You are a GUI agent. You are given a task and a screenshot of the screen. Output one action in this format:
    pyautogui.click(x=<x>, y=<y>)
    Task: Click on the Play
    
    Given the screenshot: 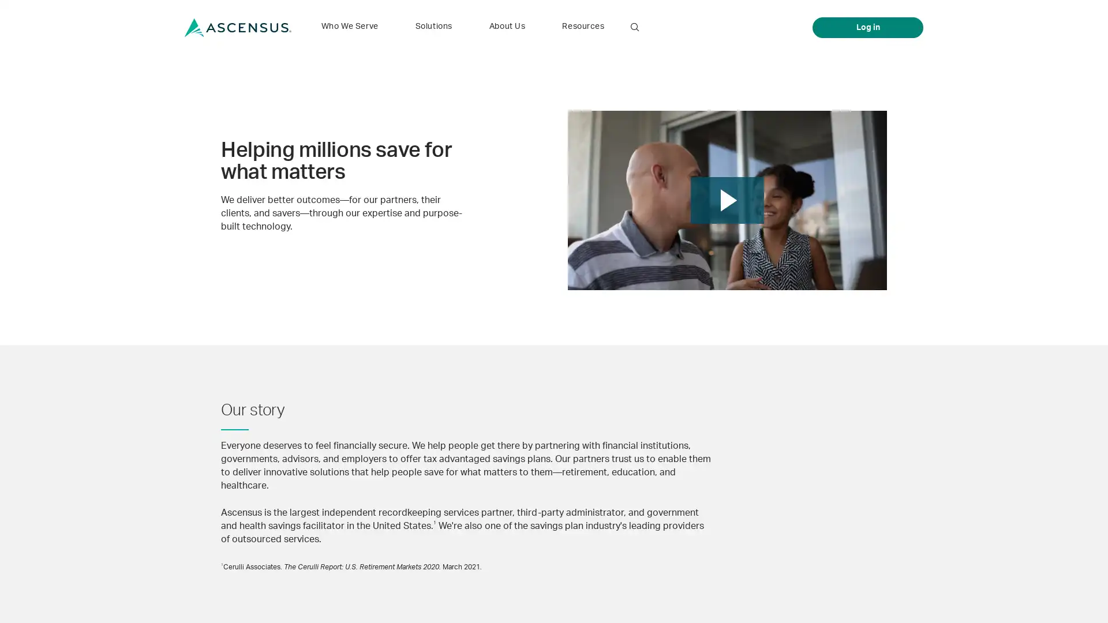 What is the action you would take?
    pyautogui.click(x=727, y=200)
    